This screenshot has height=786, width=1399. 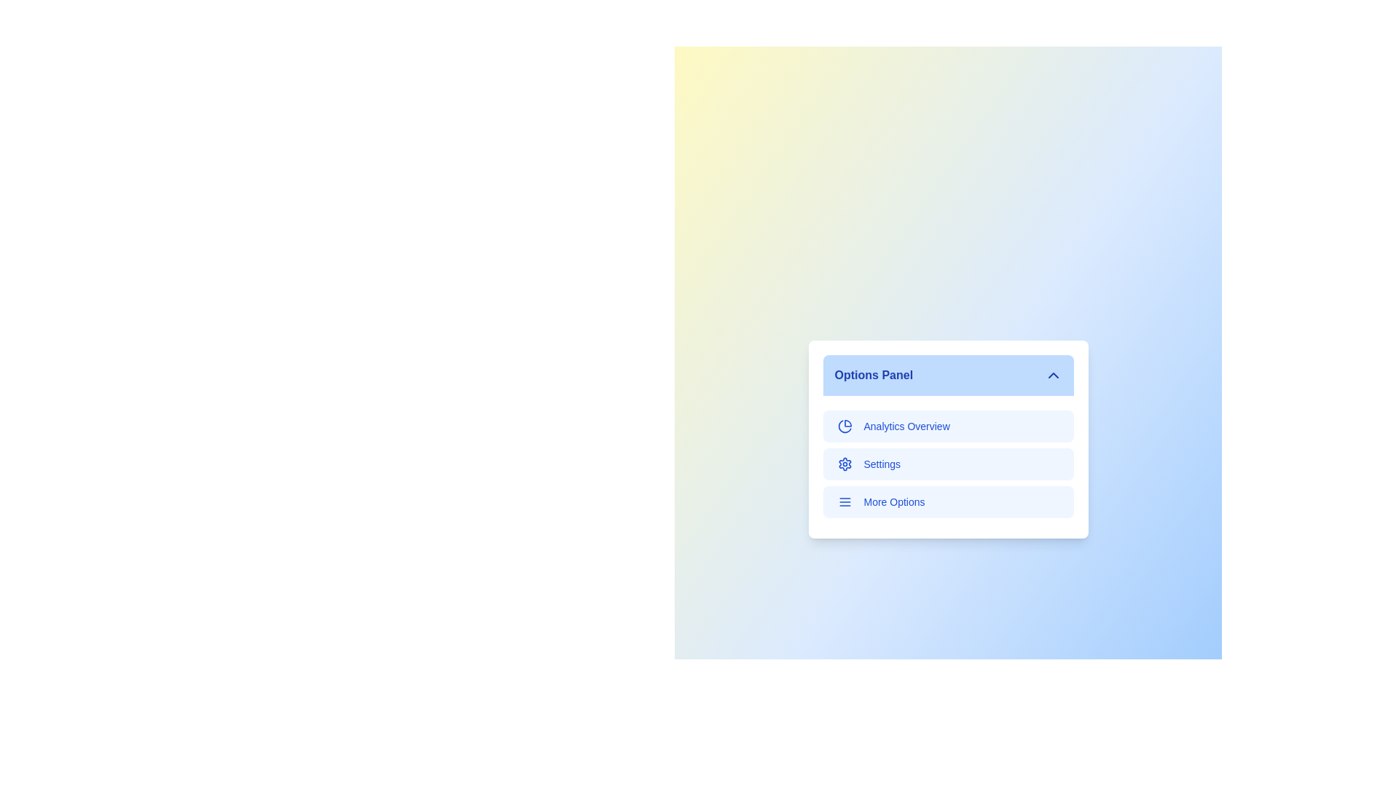 What do you see at coordinates (948, 464) in the screenshot?
I see `the 'Settings' menu item` at bounding box center [948, 464].